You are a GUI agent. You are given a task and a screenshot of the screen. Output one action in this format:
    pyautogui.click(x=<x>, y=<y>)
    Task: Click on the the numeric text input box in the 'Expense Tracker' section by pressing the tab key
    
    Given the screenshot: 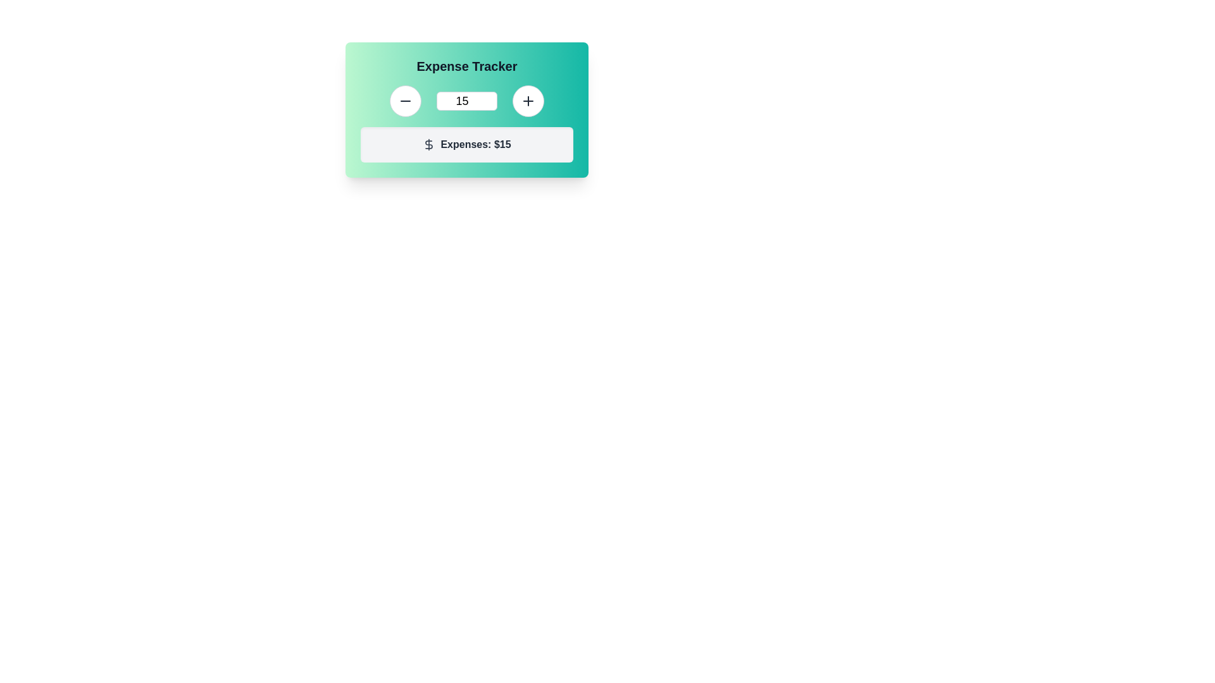 What is the action you would take?
    pyautogui.click(x=466, y=100)
    